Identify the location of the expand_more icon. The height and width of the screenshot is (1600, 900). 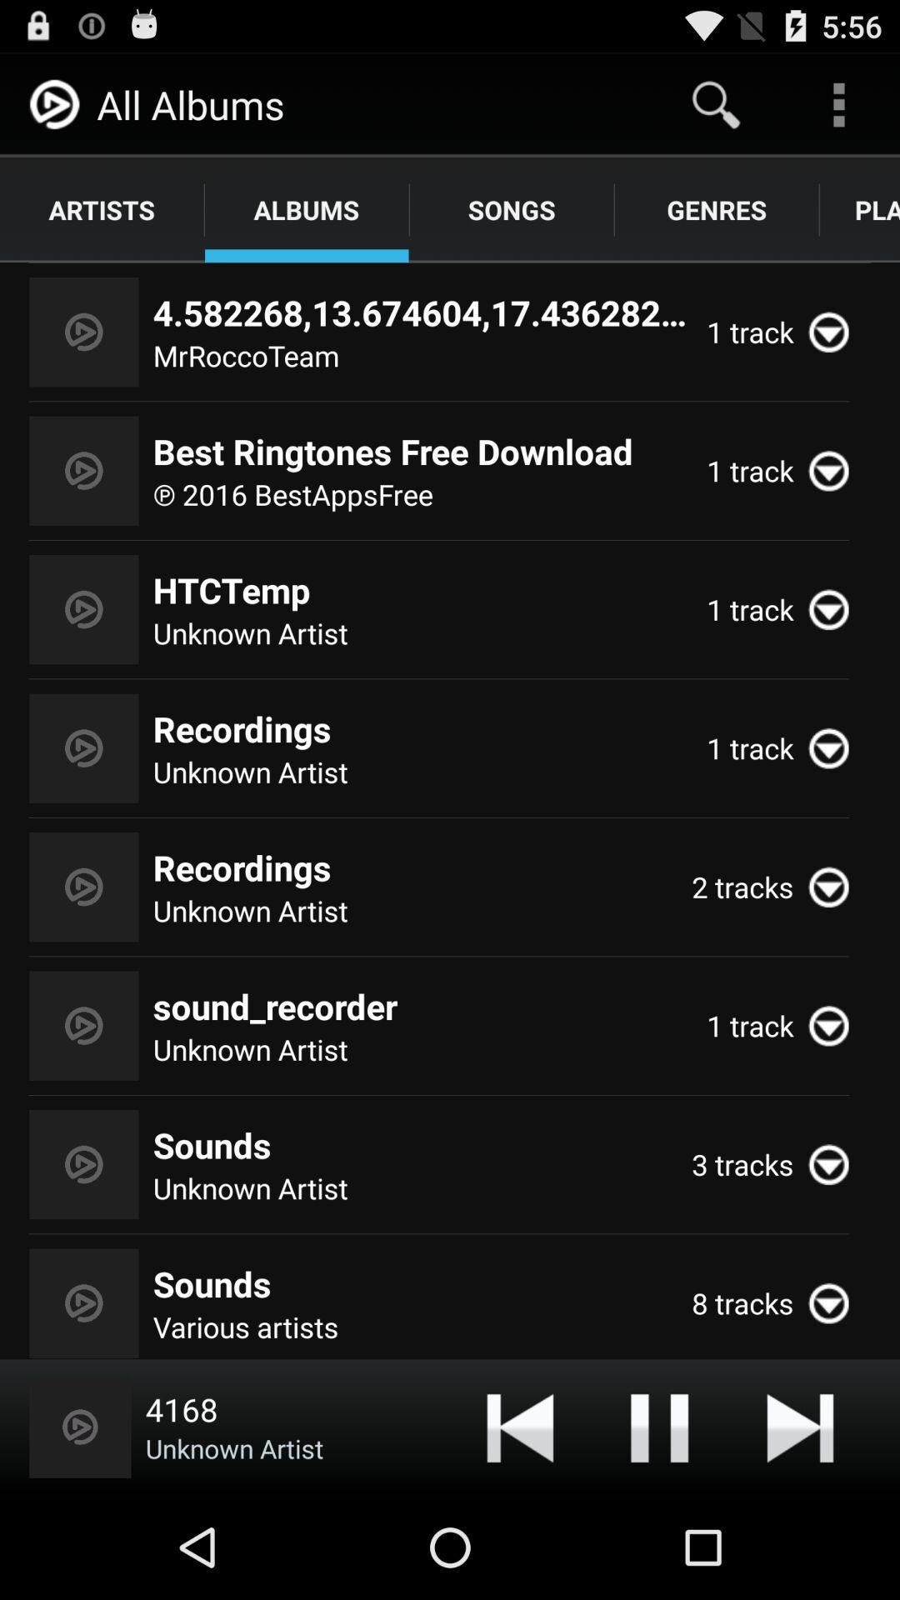
(836, 1097).